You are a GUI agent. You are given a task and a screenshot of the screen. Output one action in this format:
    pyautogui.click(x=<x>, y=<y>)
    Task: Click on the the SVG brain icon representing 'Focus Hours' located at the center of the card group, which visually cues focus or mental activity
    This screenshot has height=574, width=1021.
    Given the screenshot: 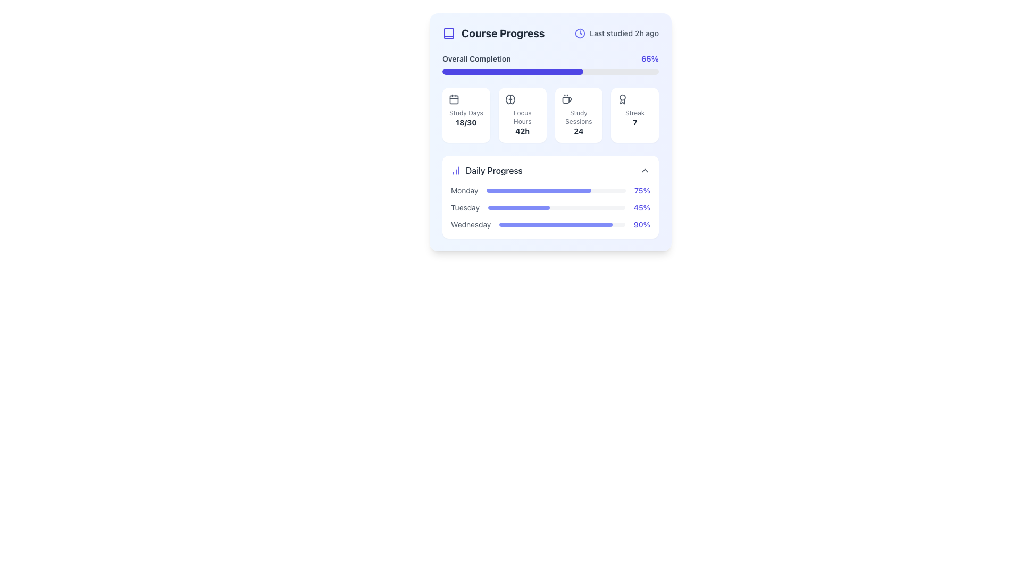 What is the action you would take?
    pyautogui.click(x=509, y=99)
    